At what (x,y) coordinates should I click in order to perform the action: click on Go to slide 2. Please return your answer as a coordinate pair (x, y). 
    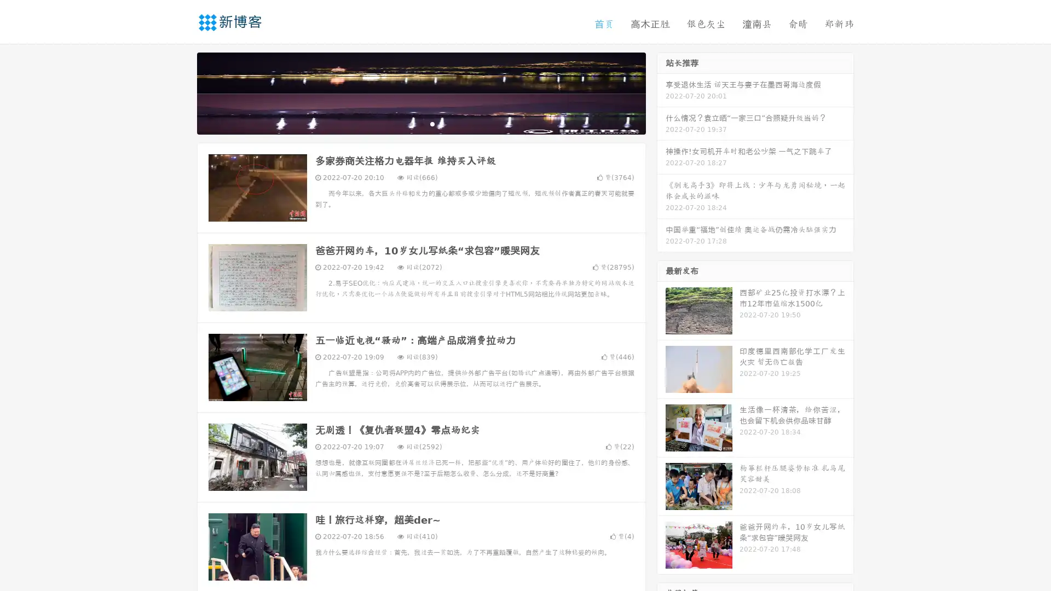
    Looking at the image, I should click on (420, 123).